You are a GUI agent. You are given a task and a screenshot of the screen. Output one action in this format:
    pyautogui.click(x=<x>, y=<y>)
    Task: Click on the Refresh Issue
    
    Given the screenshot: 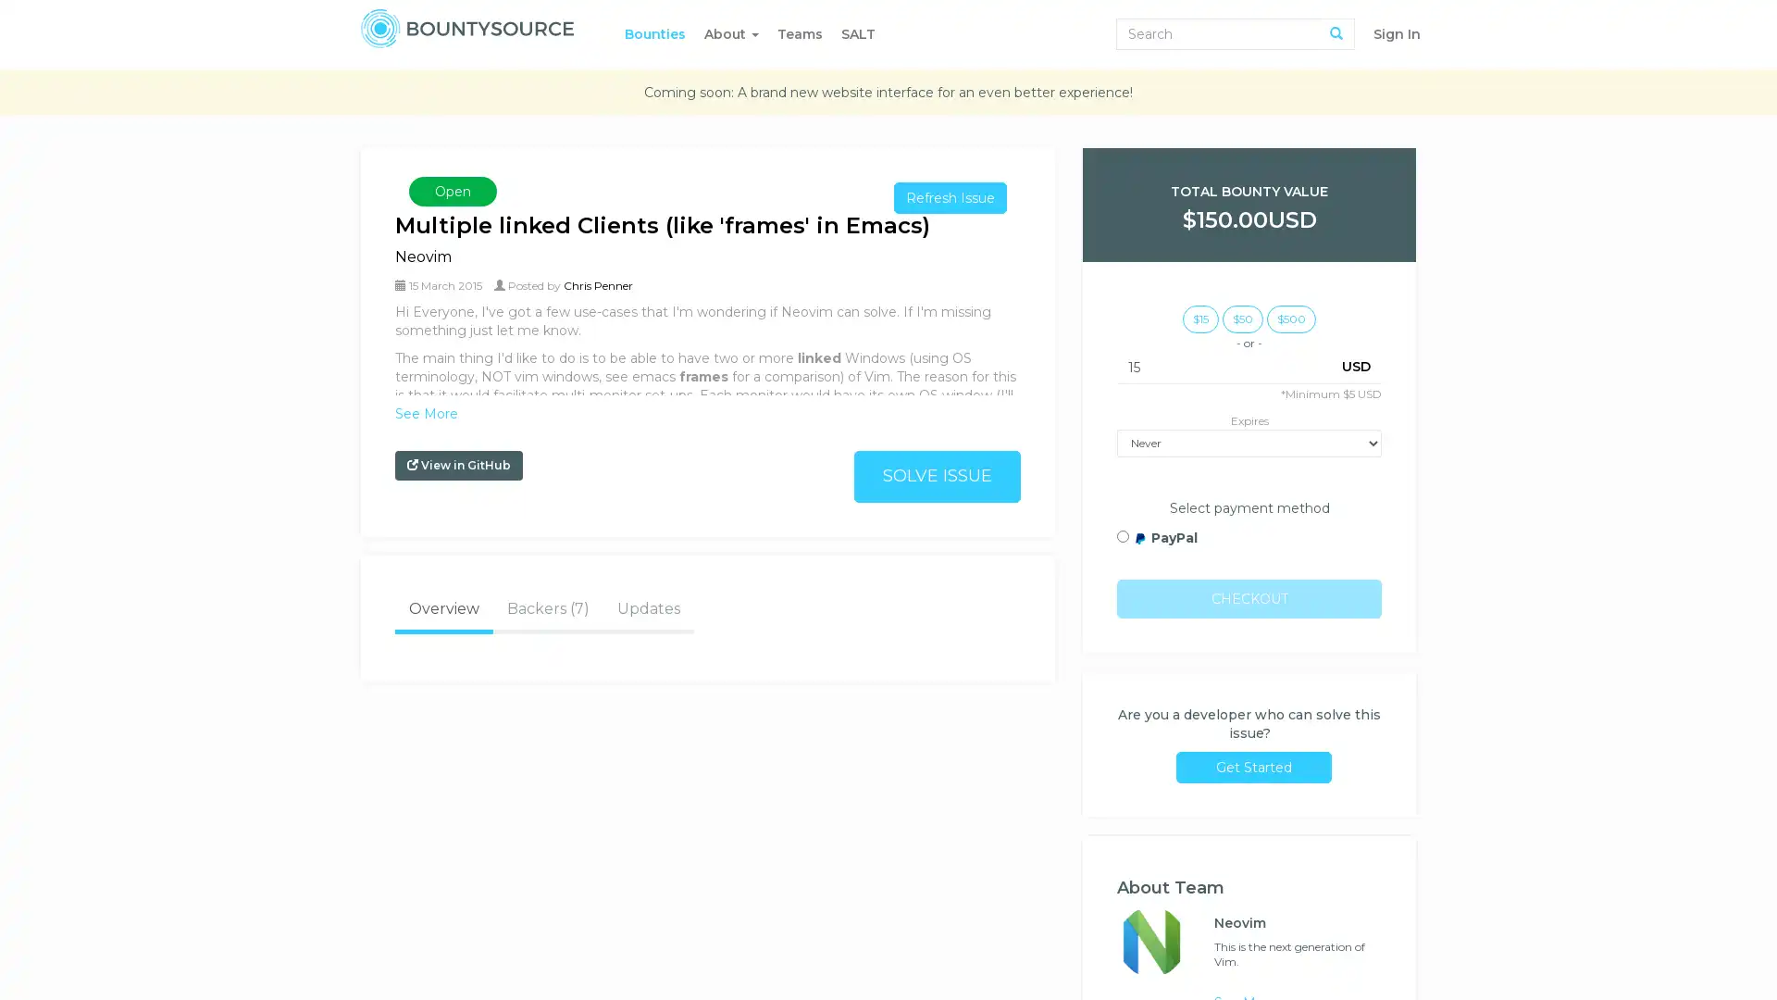 What is the action you would take?
    pyautogui.click(x=951, y=197)
    